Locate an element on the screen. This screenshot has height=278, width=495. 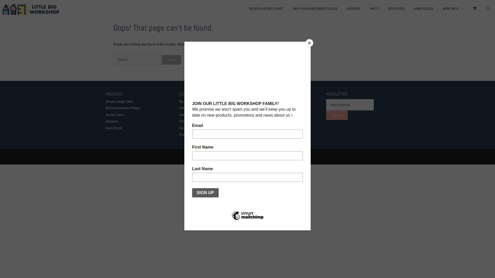
'Subscribe' is located at coordinates (337, 115).